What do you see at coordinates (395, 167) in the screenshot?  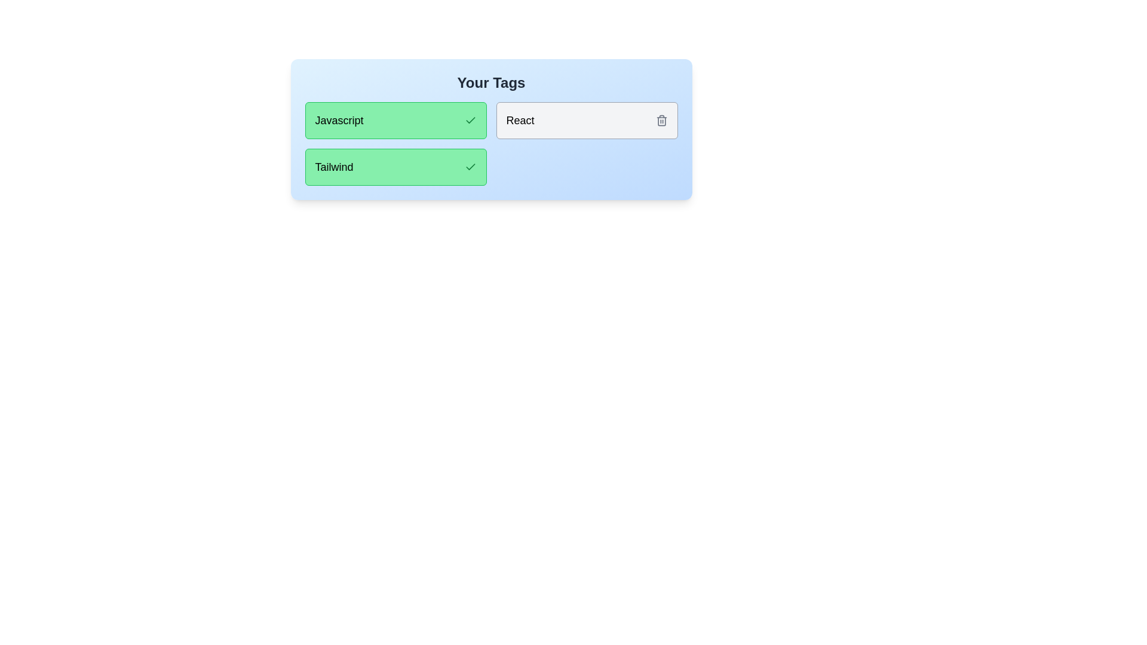 I see `the tag with text Tailwind to toggle its status` at bounding box center [395, 167].